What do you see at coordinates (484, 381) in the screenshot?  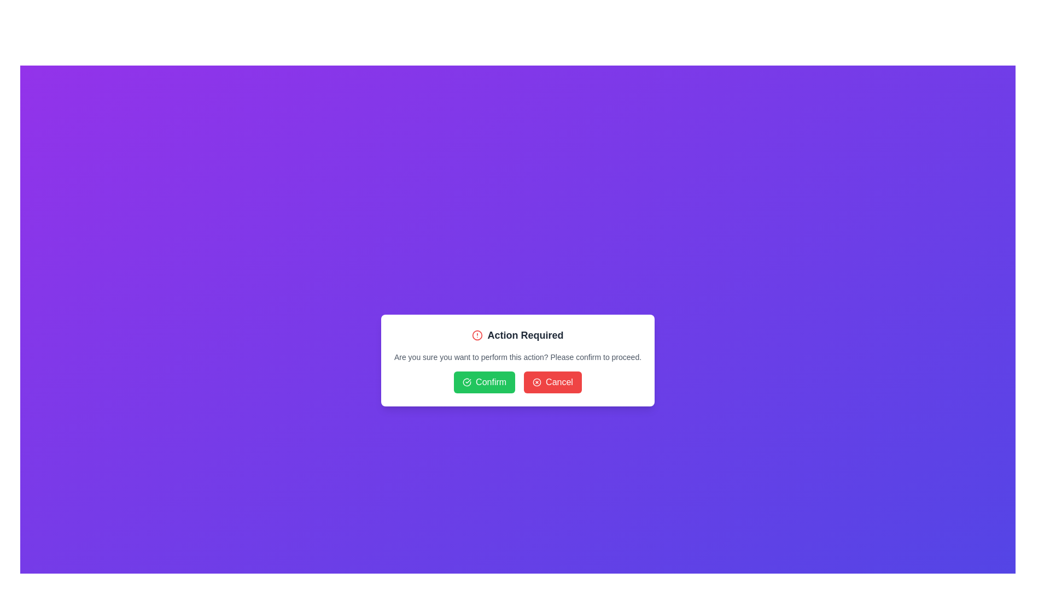 I see `the confirmation button located in the modal's footer, which is positioned to the left of the 'Cancel' button` at bounding box center [484, 381].